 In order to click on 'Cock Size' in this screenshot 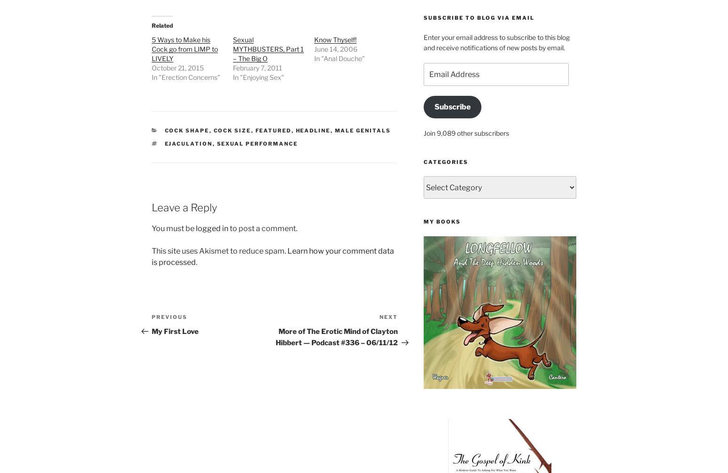, I will do `click(231, 131)`.